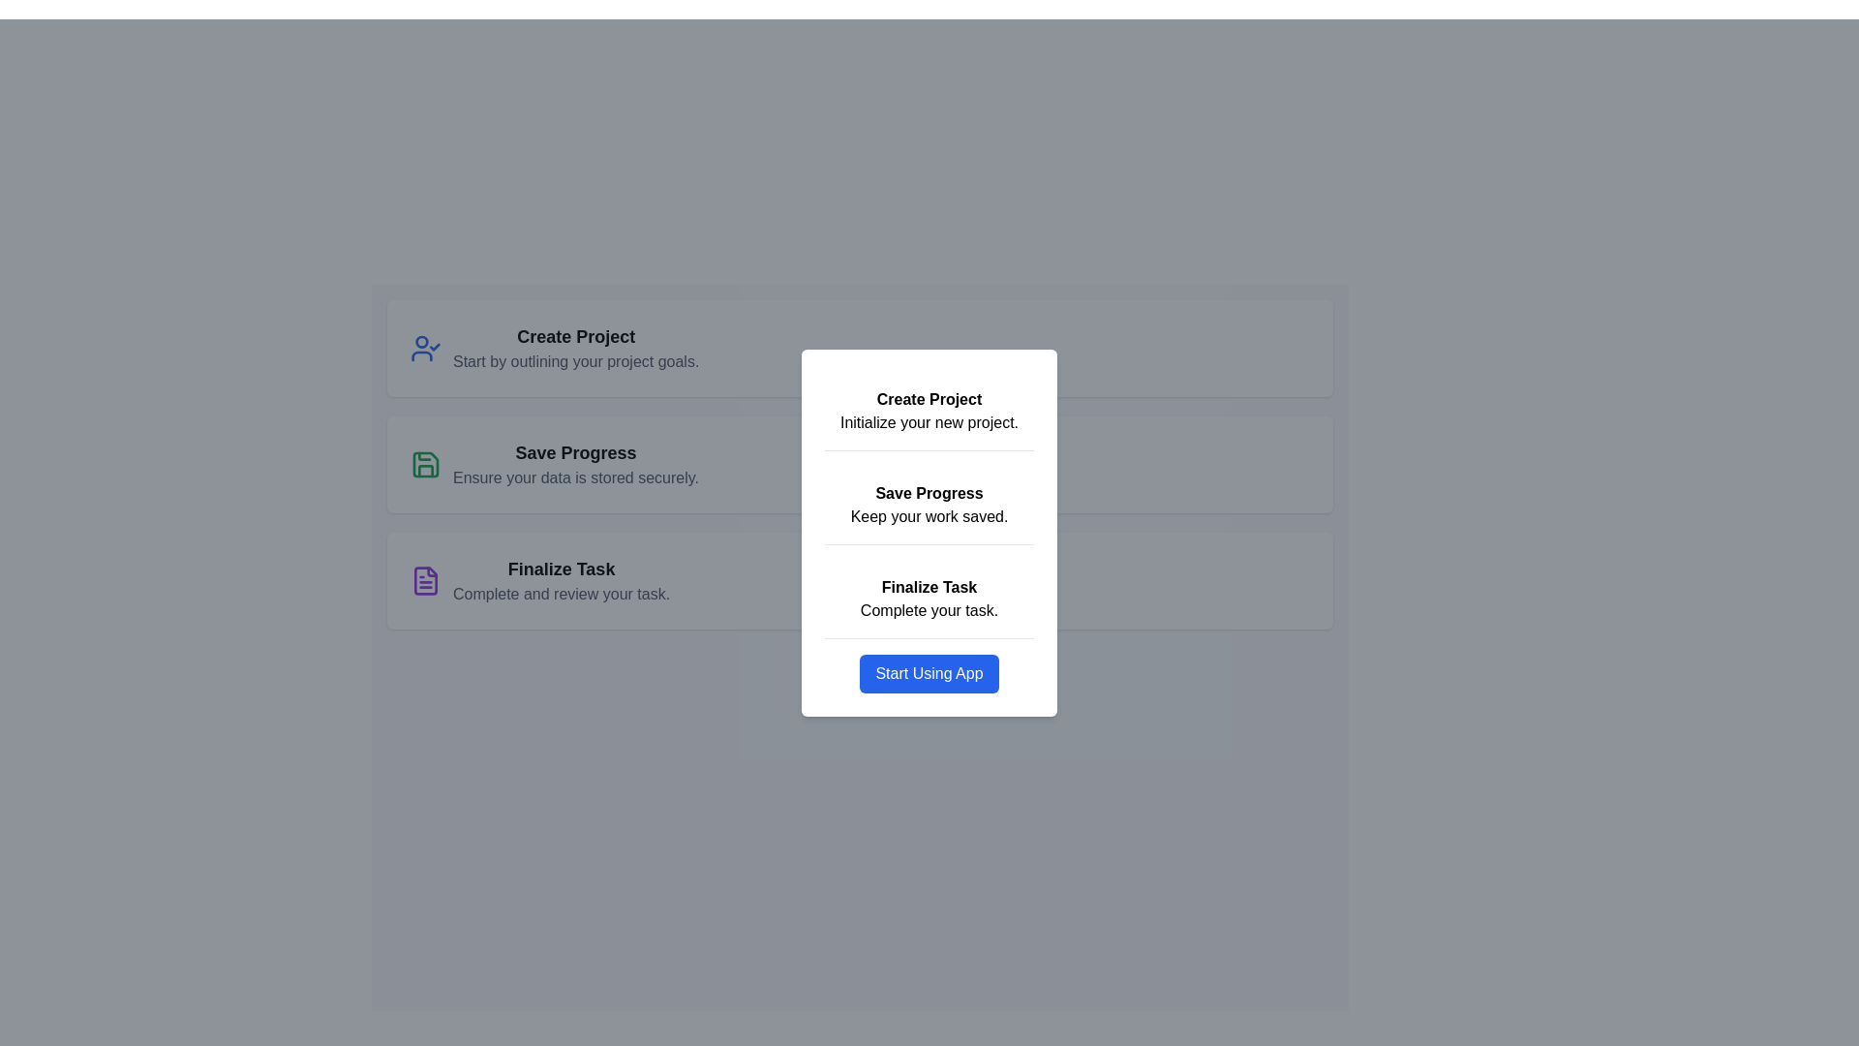 This screenshot has height=1046, width=1859. What do you see at coordinates (561, 580) in the screenshot?
I see `the 'Finalize Task' text element, which includes a bold title and a description, located in the right central portion of the 'Finalize Task' card` at bounding box center [561, 580].